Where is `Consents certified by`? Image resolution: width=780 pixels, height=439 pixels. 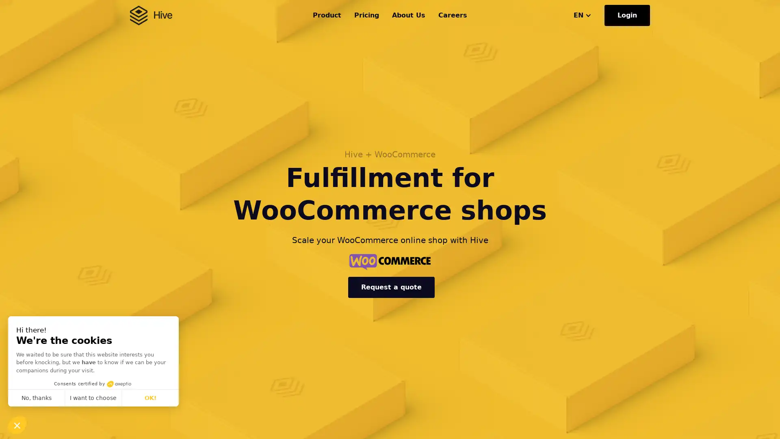 Consents certified by is located at coordinates (93, 384).